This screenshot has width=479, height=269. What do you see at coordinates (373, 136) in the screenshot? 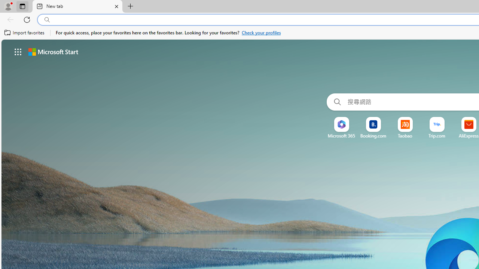
I see `'Booking.com'` at bounding box center [373, 136].